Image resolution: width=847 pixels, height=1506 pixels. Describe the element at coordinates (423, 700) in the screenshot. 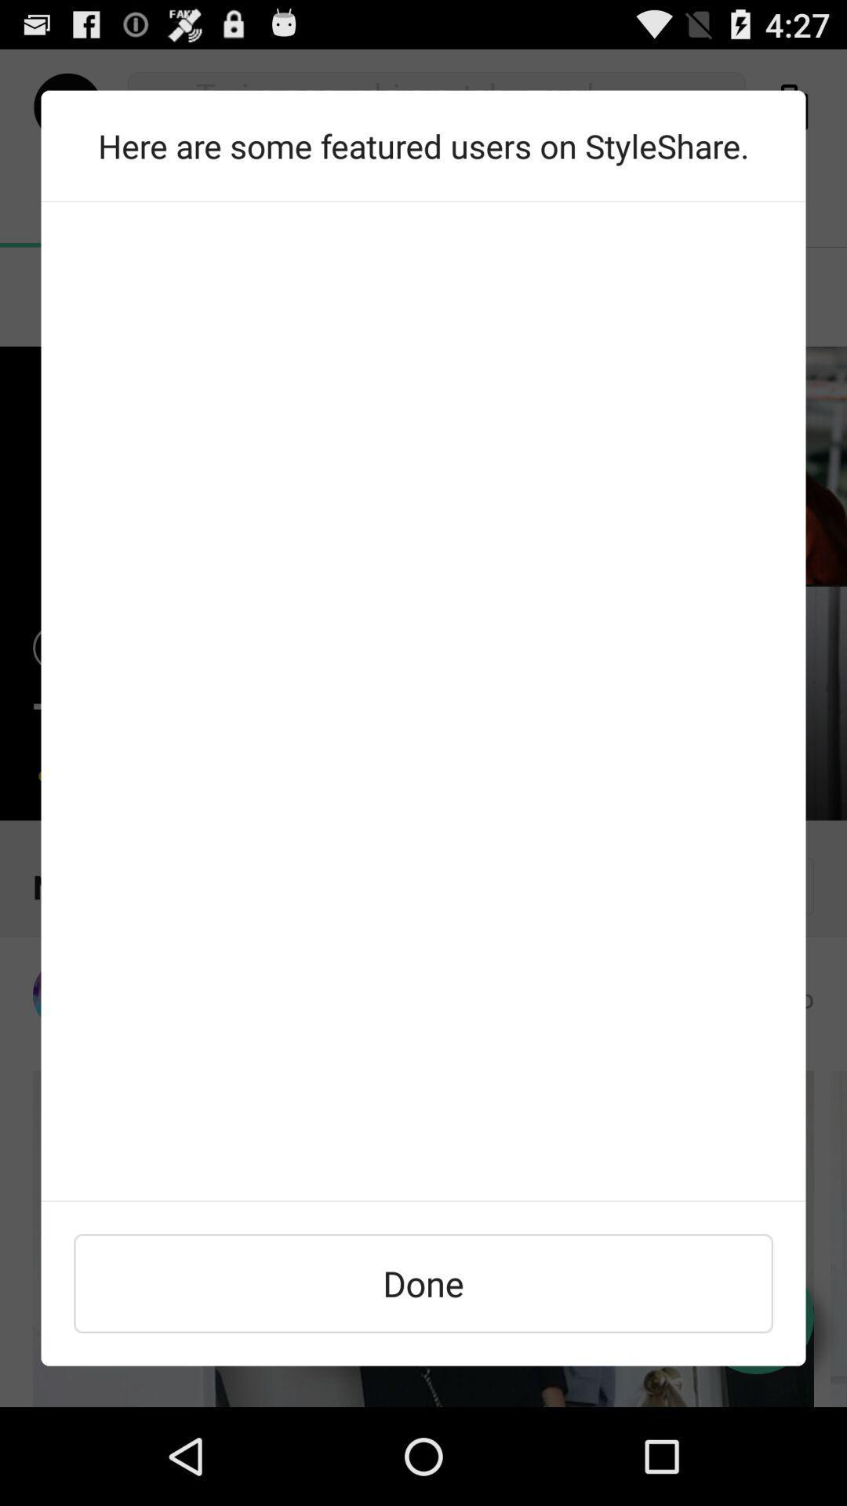

I see `find featured users` at that location.